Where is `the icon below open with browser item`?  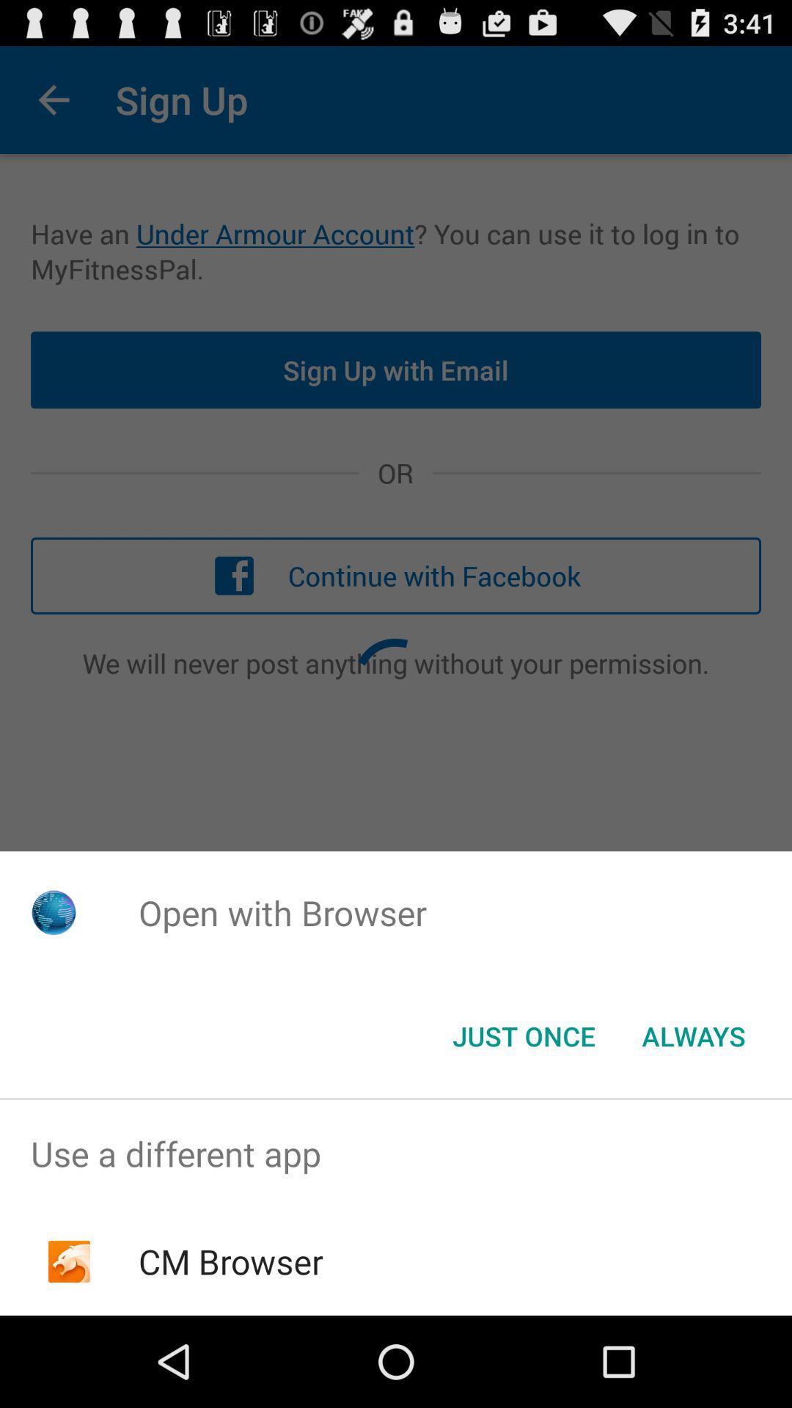
the icon below open with browser item is located at coordinates (523, 1035).